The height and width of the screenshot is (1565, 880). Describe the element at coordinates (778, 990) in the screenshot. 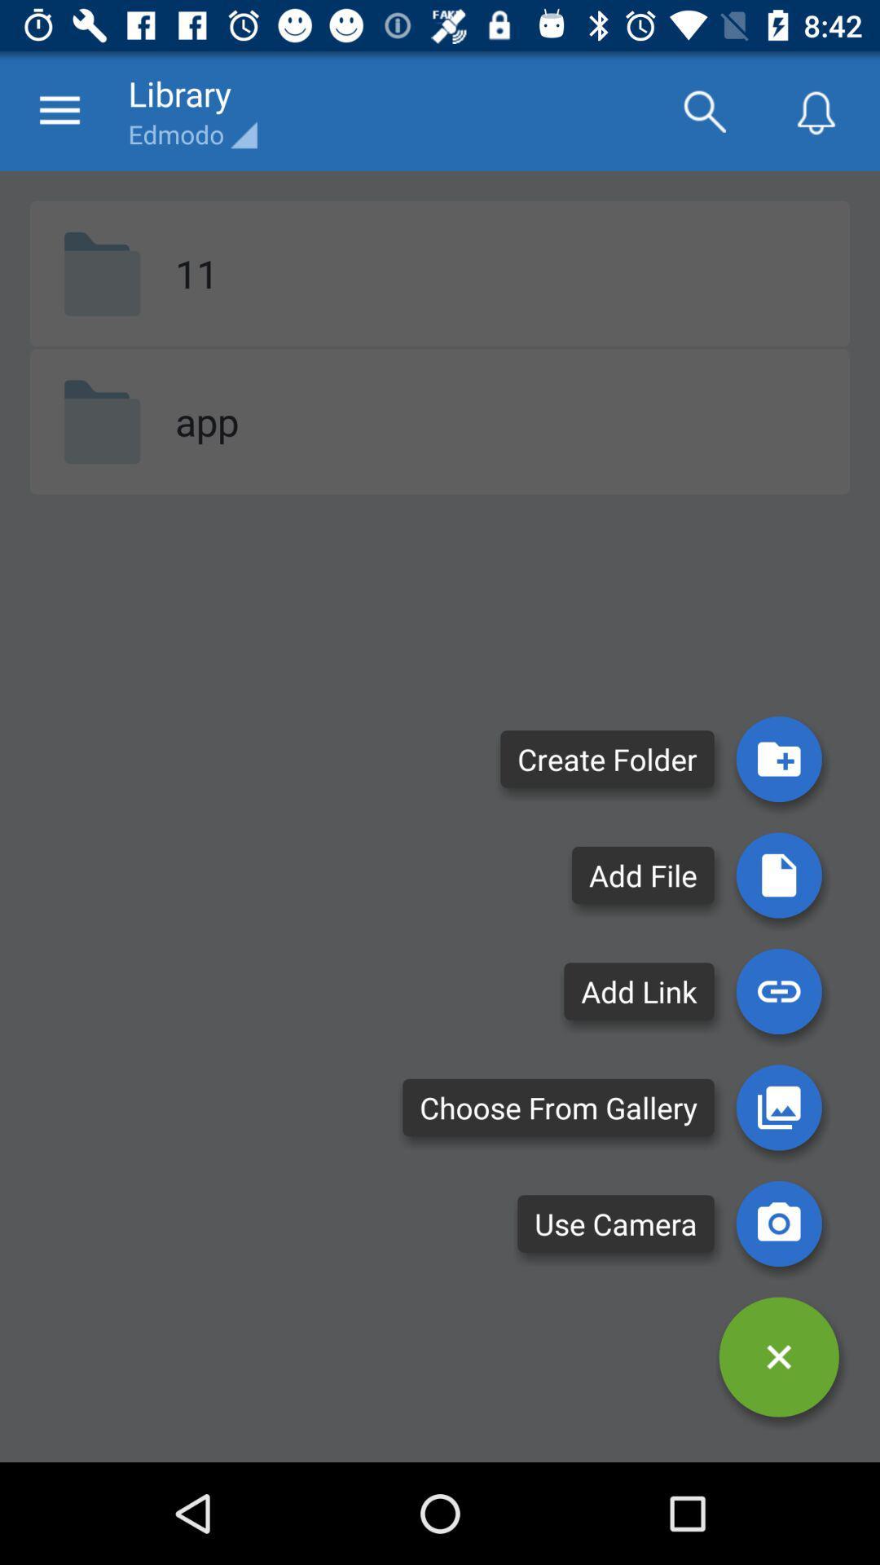

I see `a link` at that location.